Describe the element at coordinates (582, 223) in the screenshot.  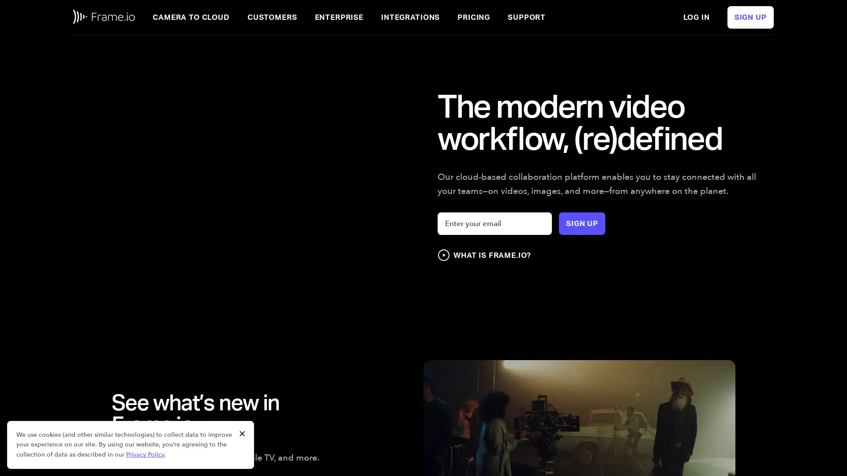
I see `Submit email address` at that location.